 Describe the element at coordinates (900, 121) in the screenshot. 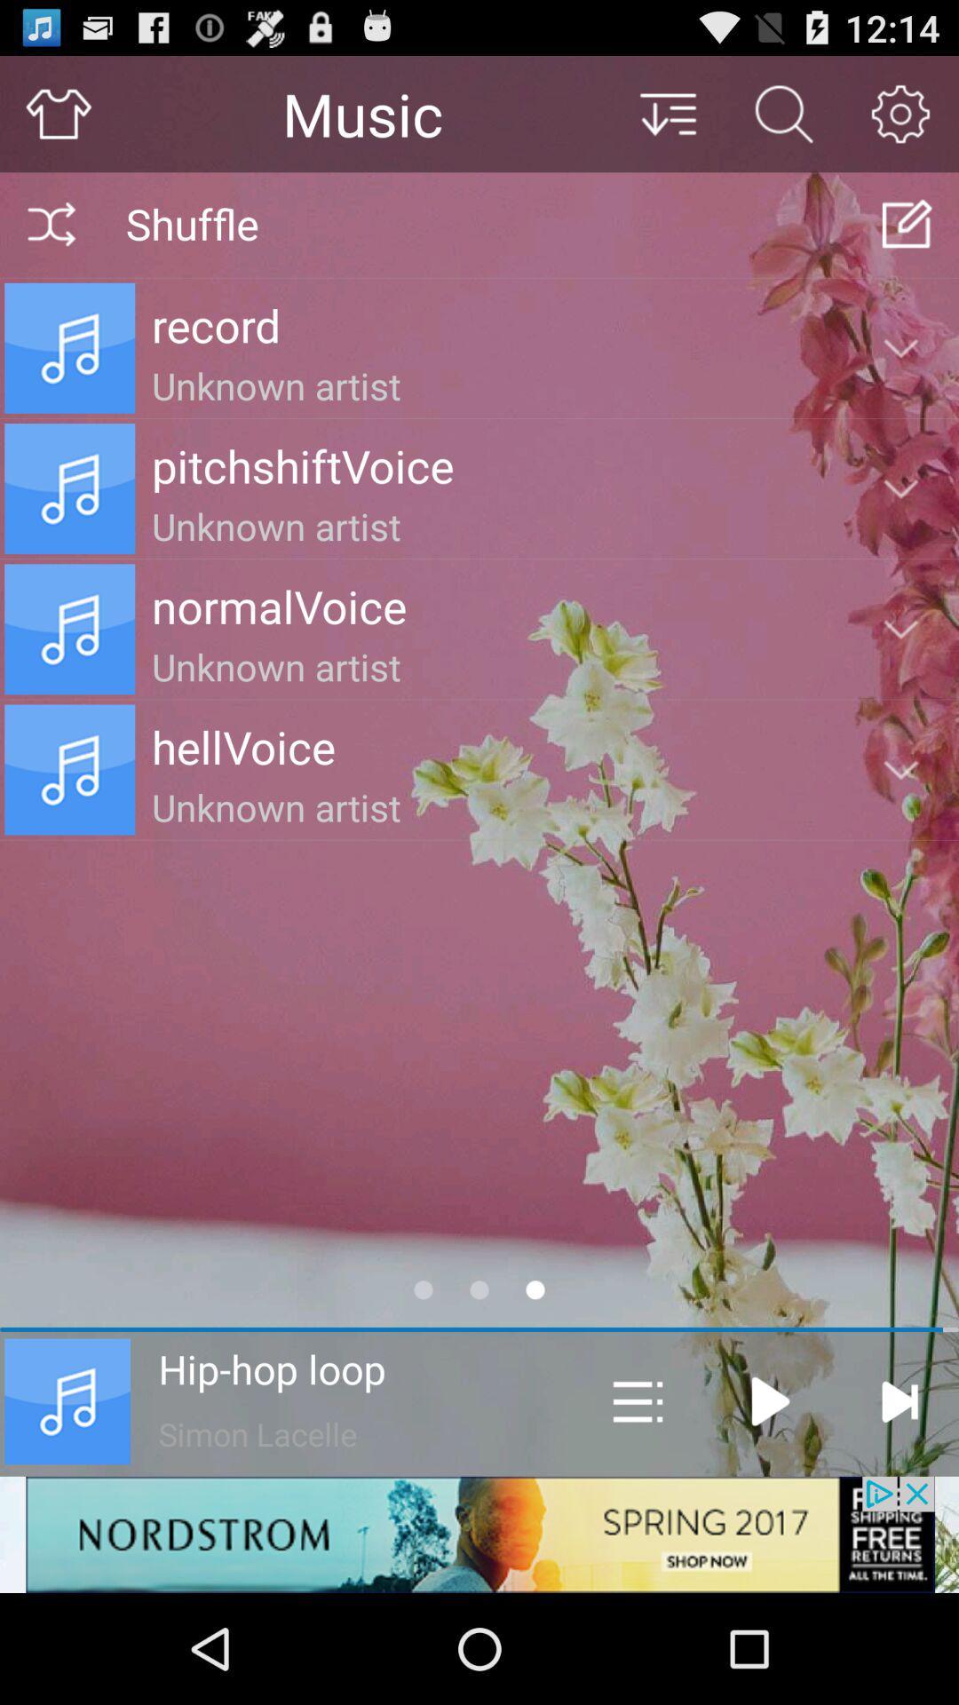

I see `the settings icon` at that location.